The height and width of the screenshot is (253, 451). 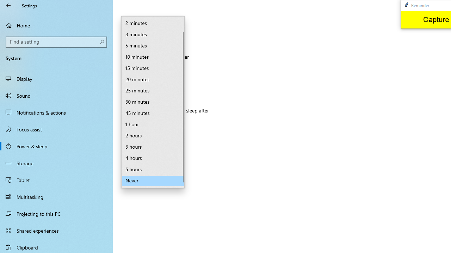 I want to click on '25 minutes', so click(x=153, y=91).